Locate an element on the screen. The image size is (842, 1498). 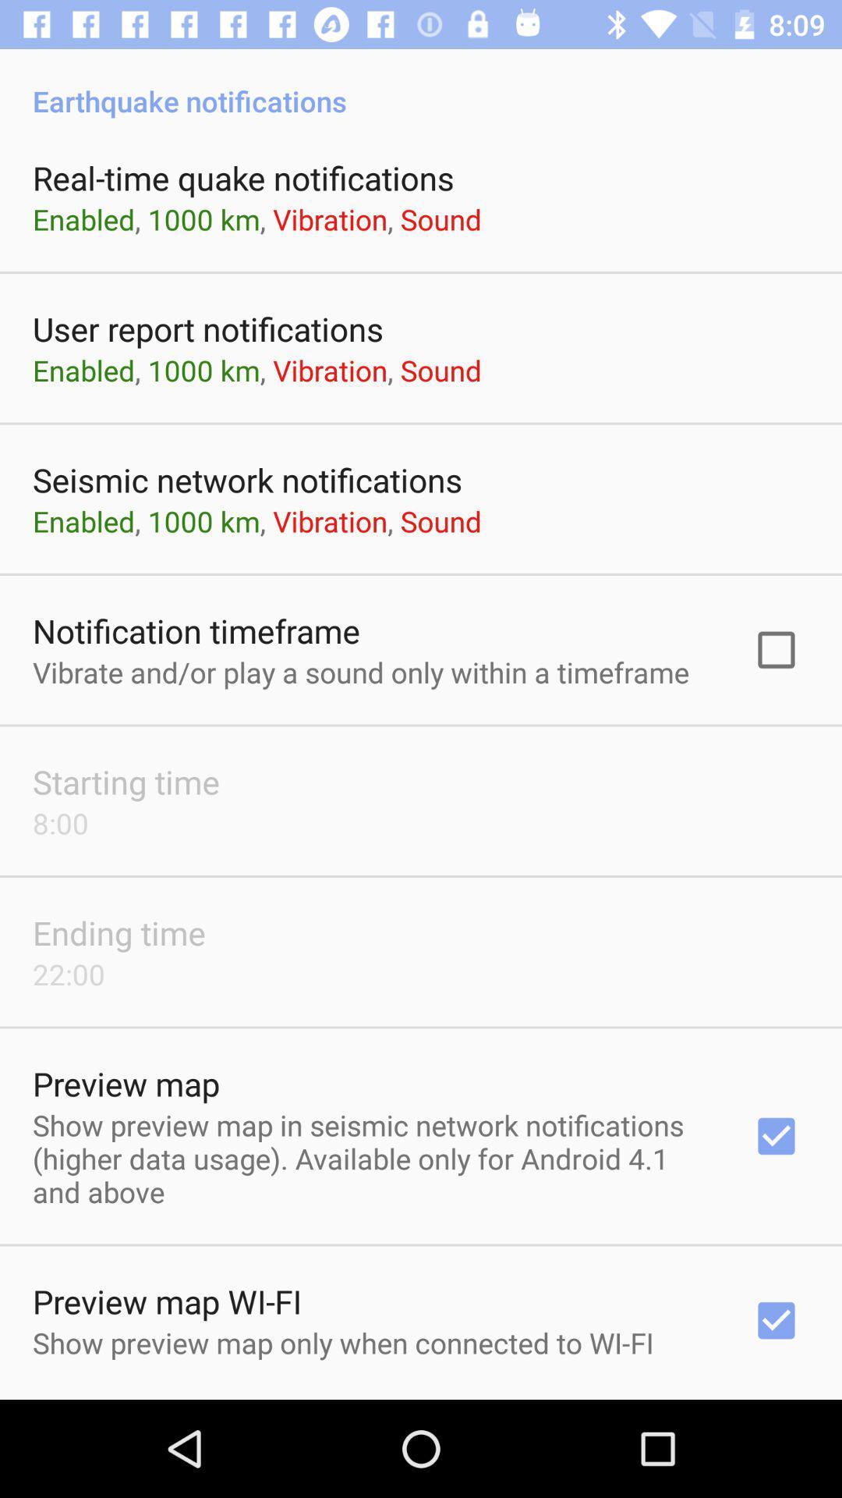
vibrate and or app is located at coordinates (361, 672).